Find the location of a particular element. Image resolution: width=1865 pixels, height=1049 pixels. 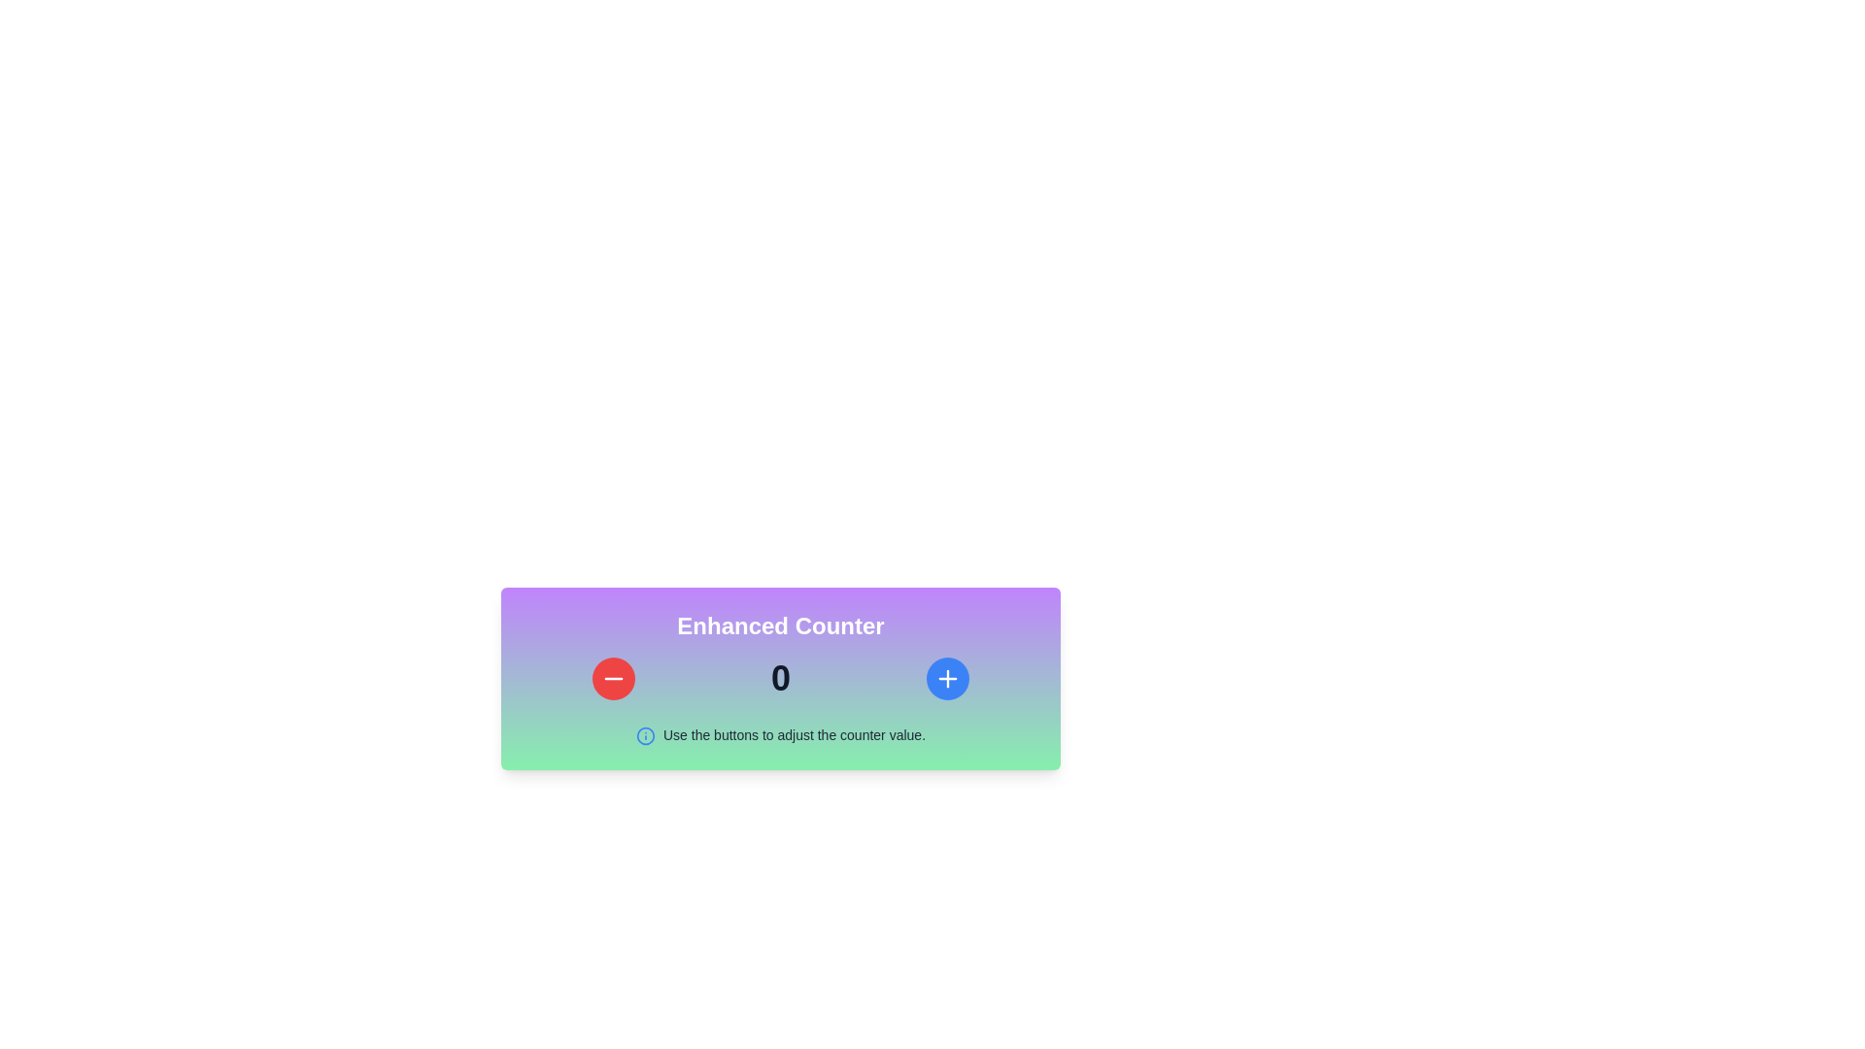

the minus sign icon, which is a thin horizontal line in a circular red button, to decrement the counter next to the text '0' is located at coordinates (613, 677).